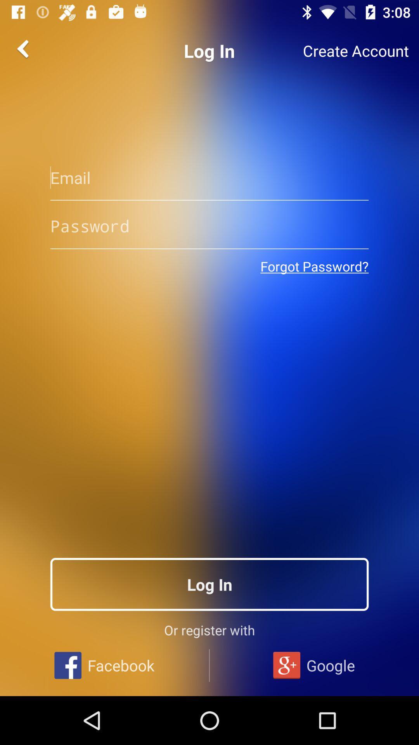 The height and width of the screenshot is (745, 419). What do you see at coordinates (356, 50) in the screenshot?
I see `the create account item` at bounding box center [356, 50].